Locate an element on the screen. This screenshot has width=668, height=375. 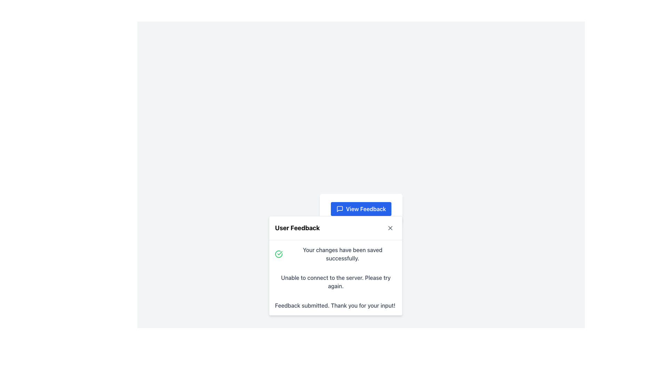
static text notifying the user of a connection issue, which is located centrally in the feedback modal below the success message 'Your changes have been saved successfully.' is located at coordinates (336, 282).